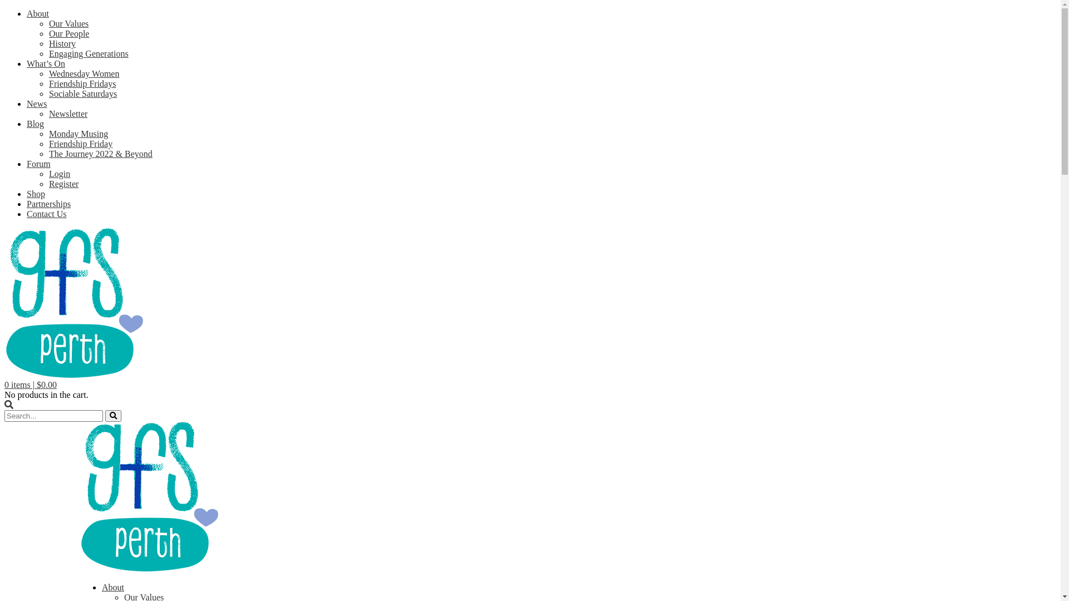 The width and height of the screenshot is (1069, 601). Describe the element at coordinates (101, 154) in the screenshot. I see `'The Journey 2022 & Beyond'` at that location.